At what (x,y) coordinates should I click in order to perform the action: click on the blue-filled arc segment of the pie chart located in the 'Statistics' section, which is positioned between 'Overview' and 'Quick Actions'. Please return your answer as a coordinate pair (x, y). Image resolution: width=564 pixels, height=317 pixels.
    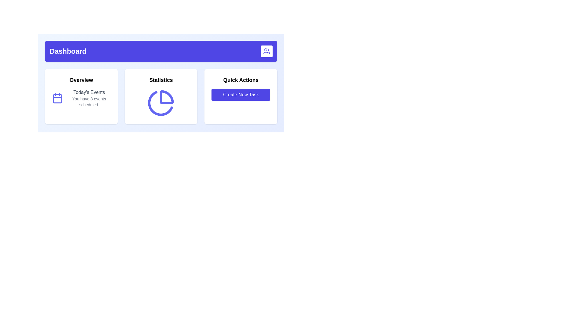
    Looking at the image, I should click on (160, 103).